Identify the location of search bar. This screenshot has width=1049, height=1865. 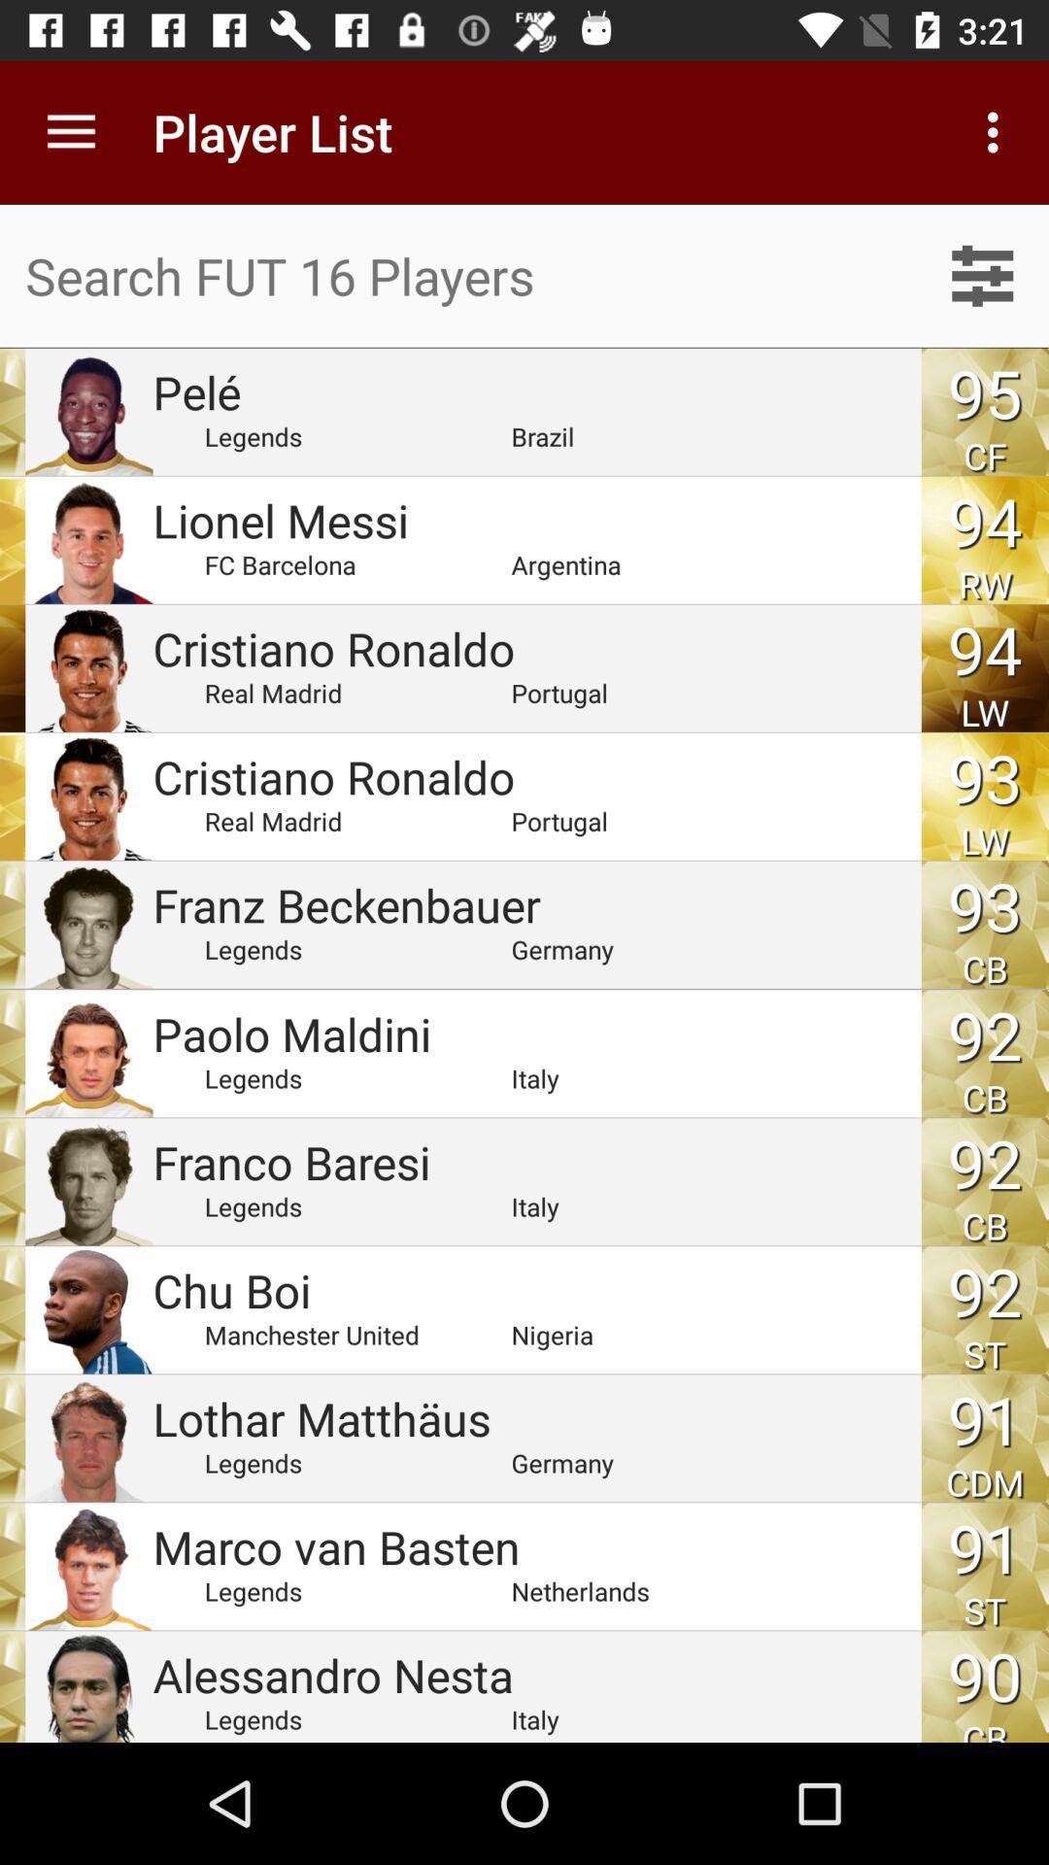
(457, 275).